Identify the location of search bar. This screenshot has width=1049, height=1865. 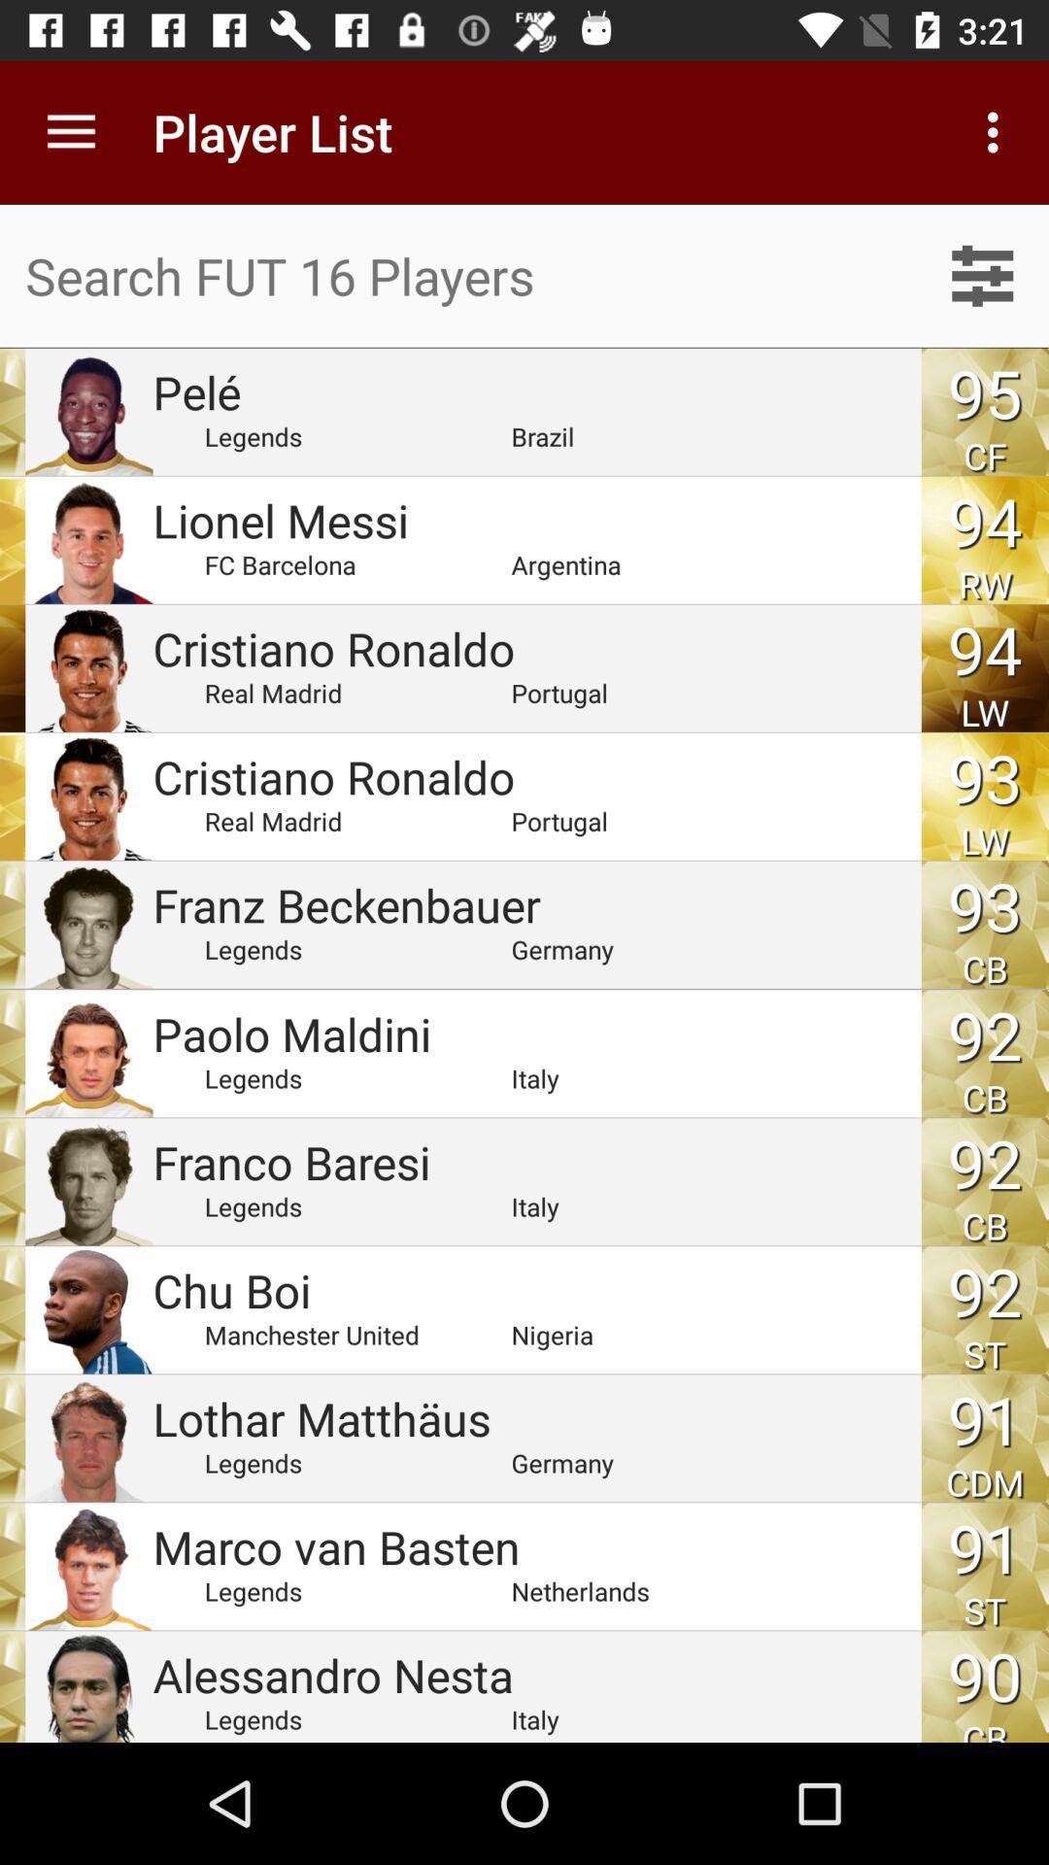
(457, 275).